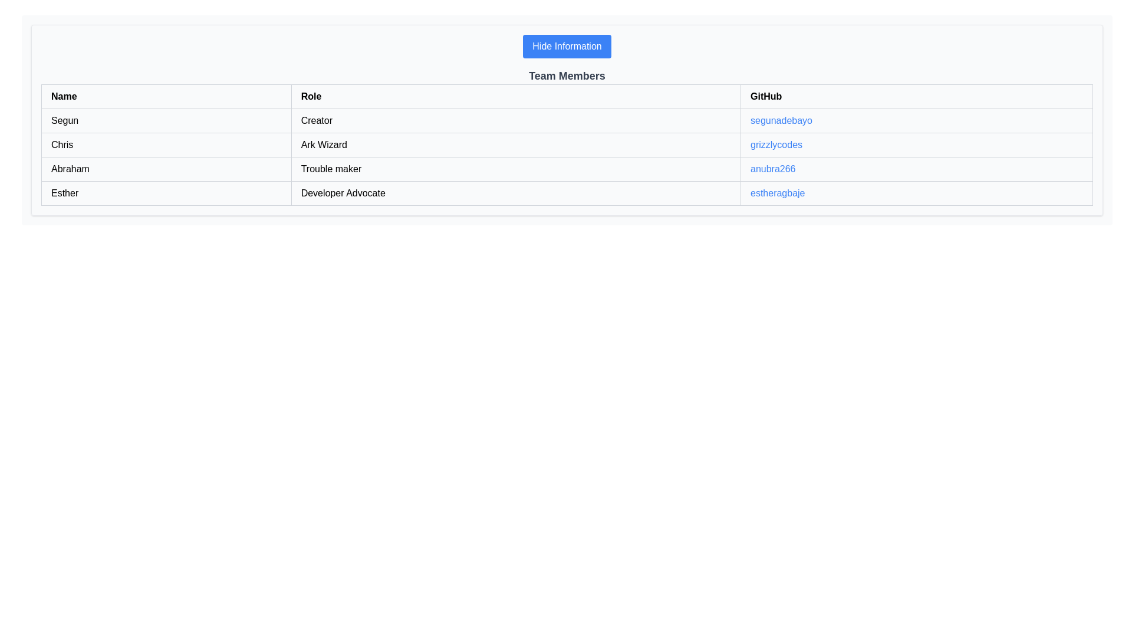  Describe the element at coordinates (776, 144) in the screenshot. I see `the hyperlink in the 'GitHub' column of the table in the third row, which leads to the GitHub profile https://github.com/grizzlycodes` at that location.